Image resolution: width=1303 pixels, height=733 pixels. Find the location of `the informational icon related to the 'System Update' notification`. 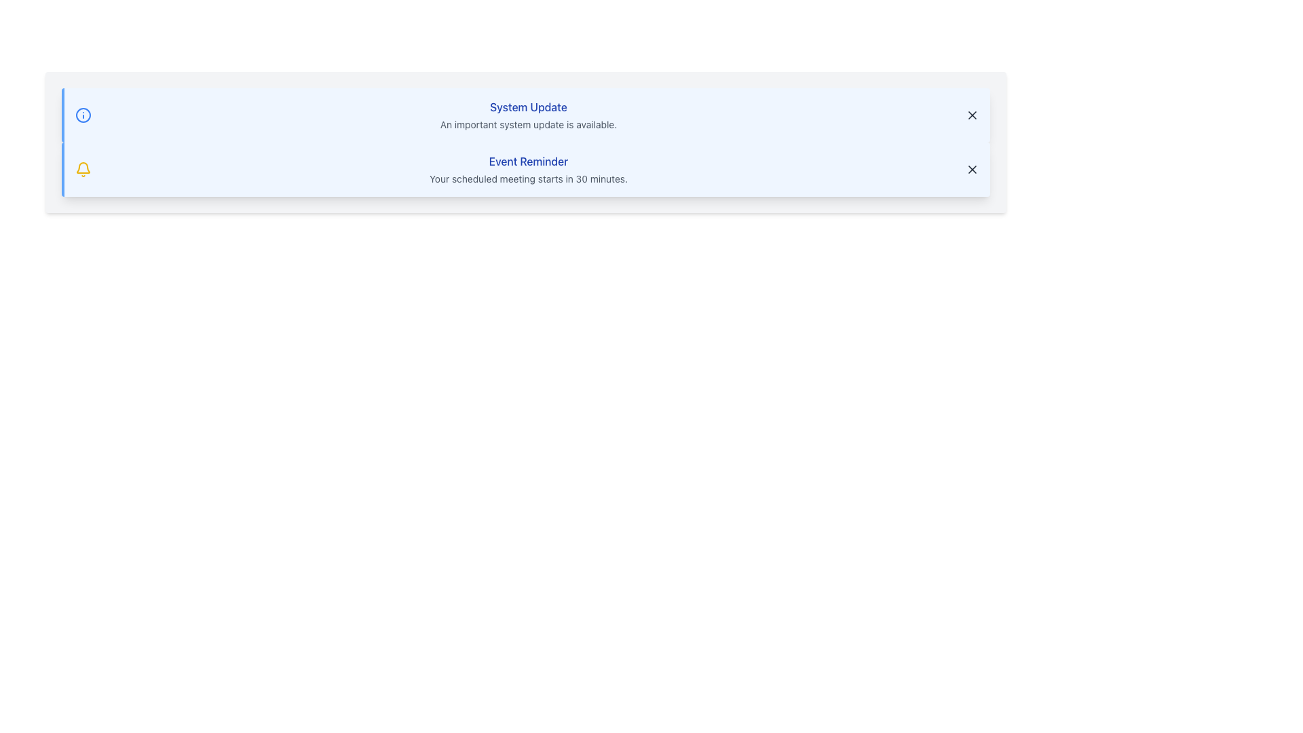

the informational icon related to the 'System Update' notification is located at coordinates (83, 114).